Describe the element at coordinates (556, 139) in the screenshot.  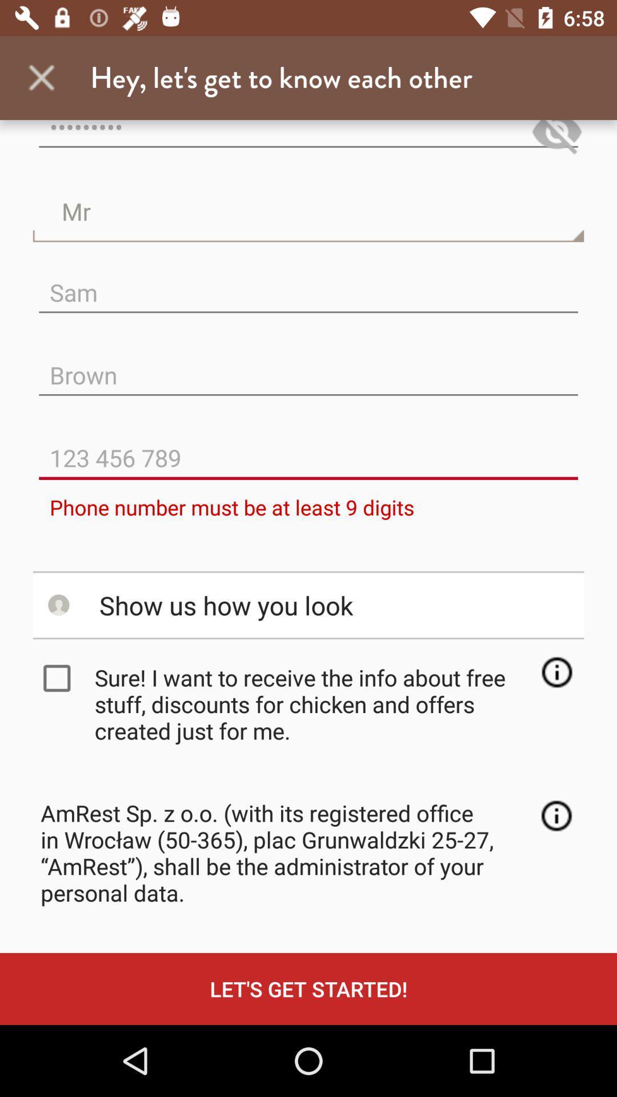
I see `the item at the top right corner` at that location.